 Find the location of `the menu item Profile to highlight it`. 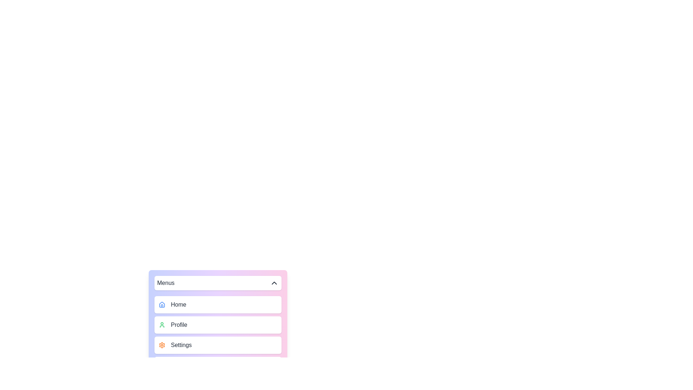

the menu item Profile to highlight it is located at coordinates (217, 324).